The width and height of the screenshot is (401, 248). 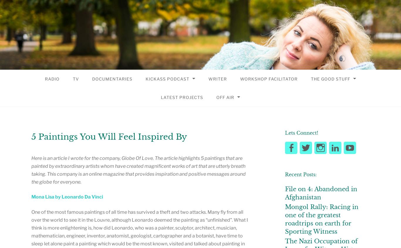 I want to click on 'TV', so click(x=73, y=78).